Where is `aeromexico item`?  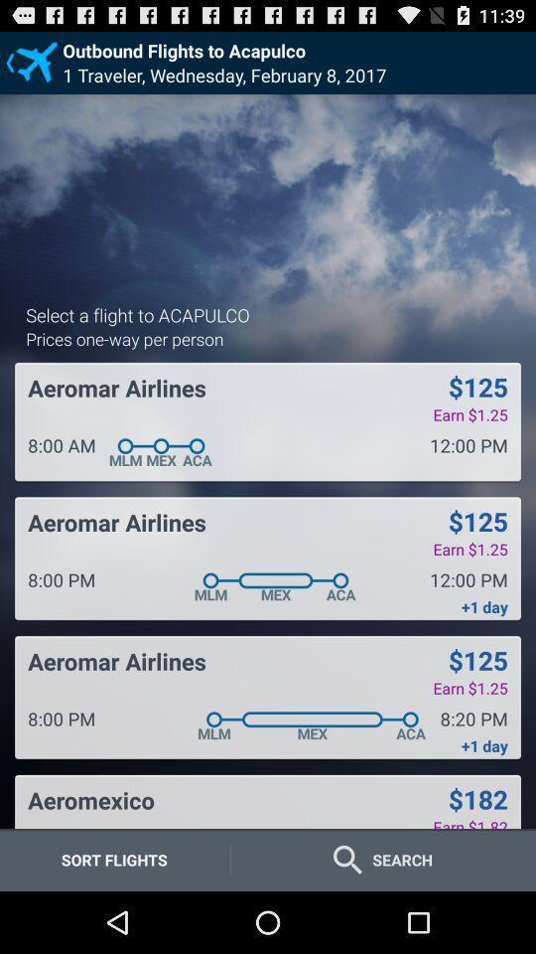 aeromexico item is located at coordinates (90, 800).